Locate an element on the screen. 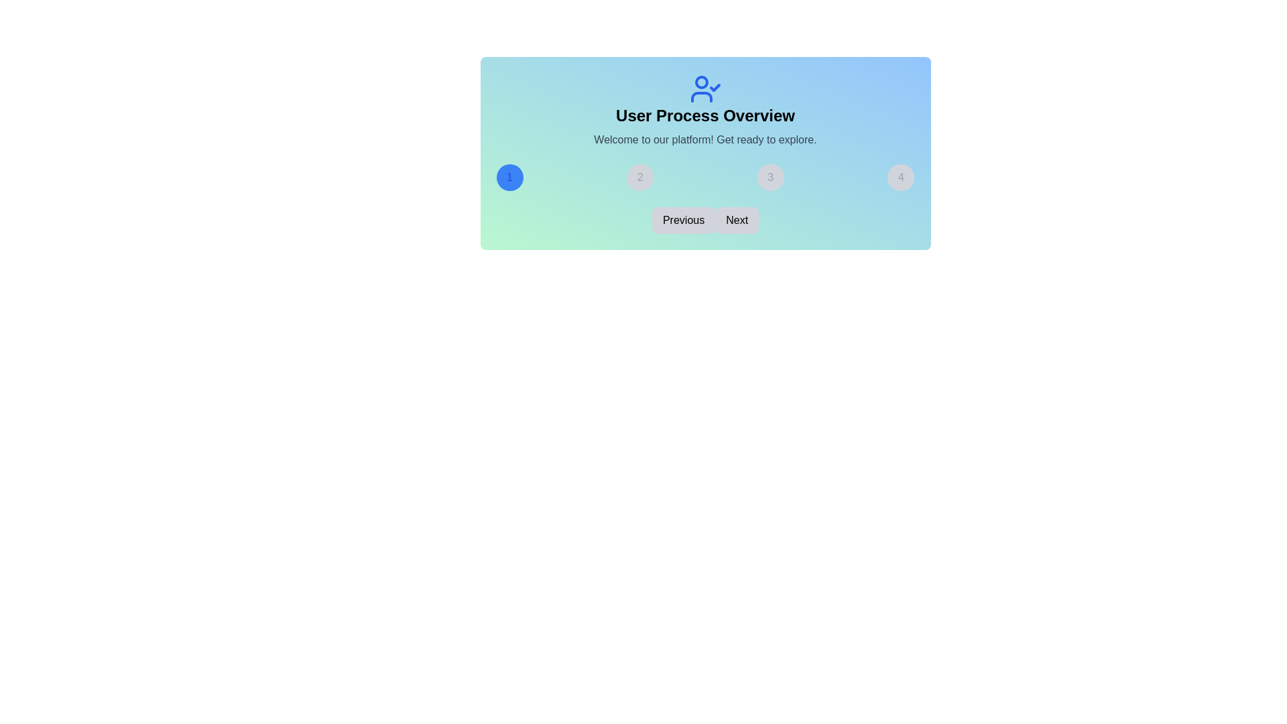 The image size is (1287, 724). the 'Previous' button to navigate to the previous step is located at coordinates (684, 219).